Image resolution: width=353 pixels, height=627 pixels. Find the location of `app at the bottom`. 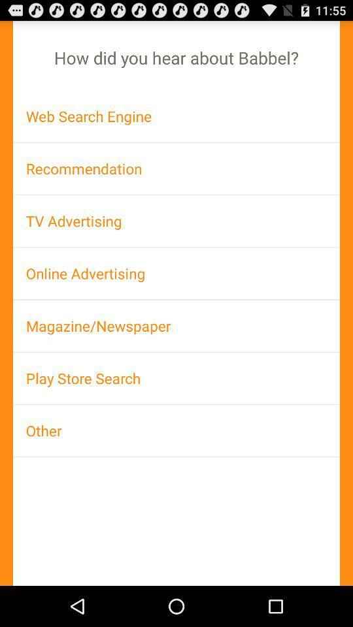

app at the bottom is located at coordinates (176, 430).